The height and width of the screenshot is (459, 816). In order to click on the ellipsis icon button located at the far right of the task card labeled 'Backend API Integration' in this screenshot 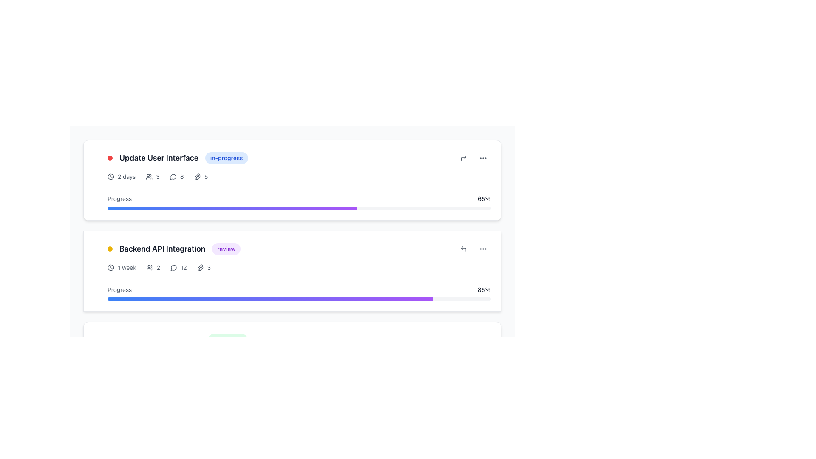, I will do `click(483, 249)`.